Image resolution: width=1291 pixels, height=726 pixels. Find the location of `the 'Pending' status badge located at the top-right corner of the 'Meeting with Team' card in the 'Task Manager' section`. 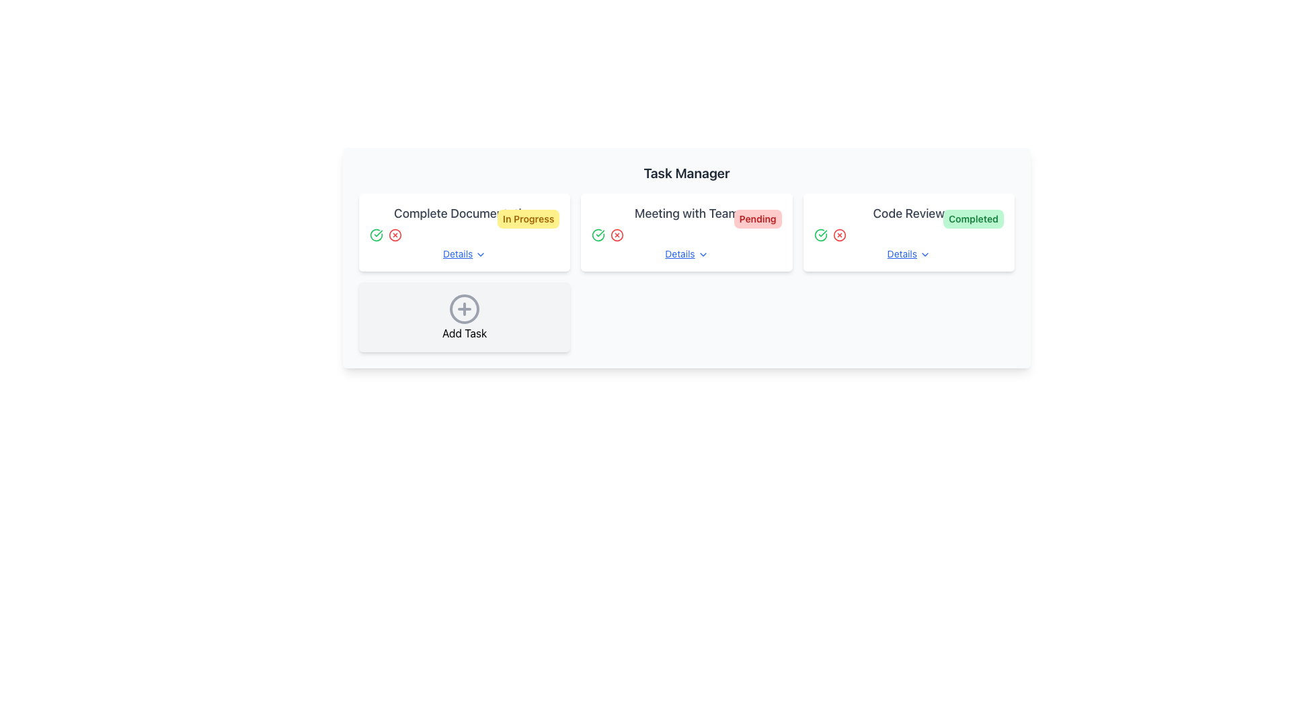

the 'Pending' status badge located at the top-right corner of the 'Meeting with Team' card in the 'Task Manager' section is located at coordinates (758, 218).